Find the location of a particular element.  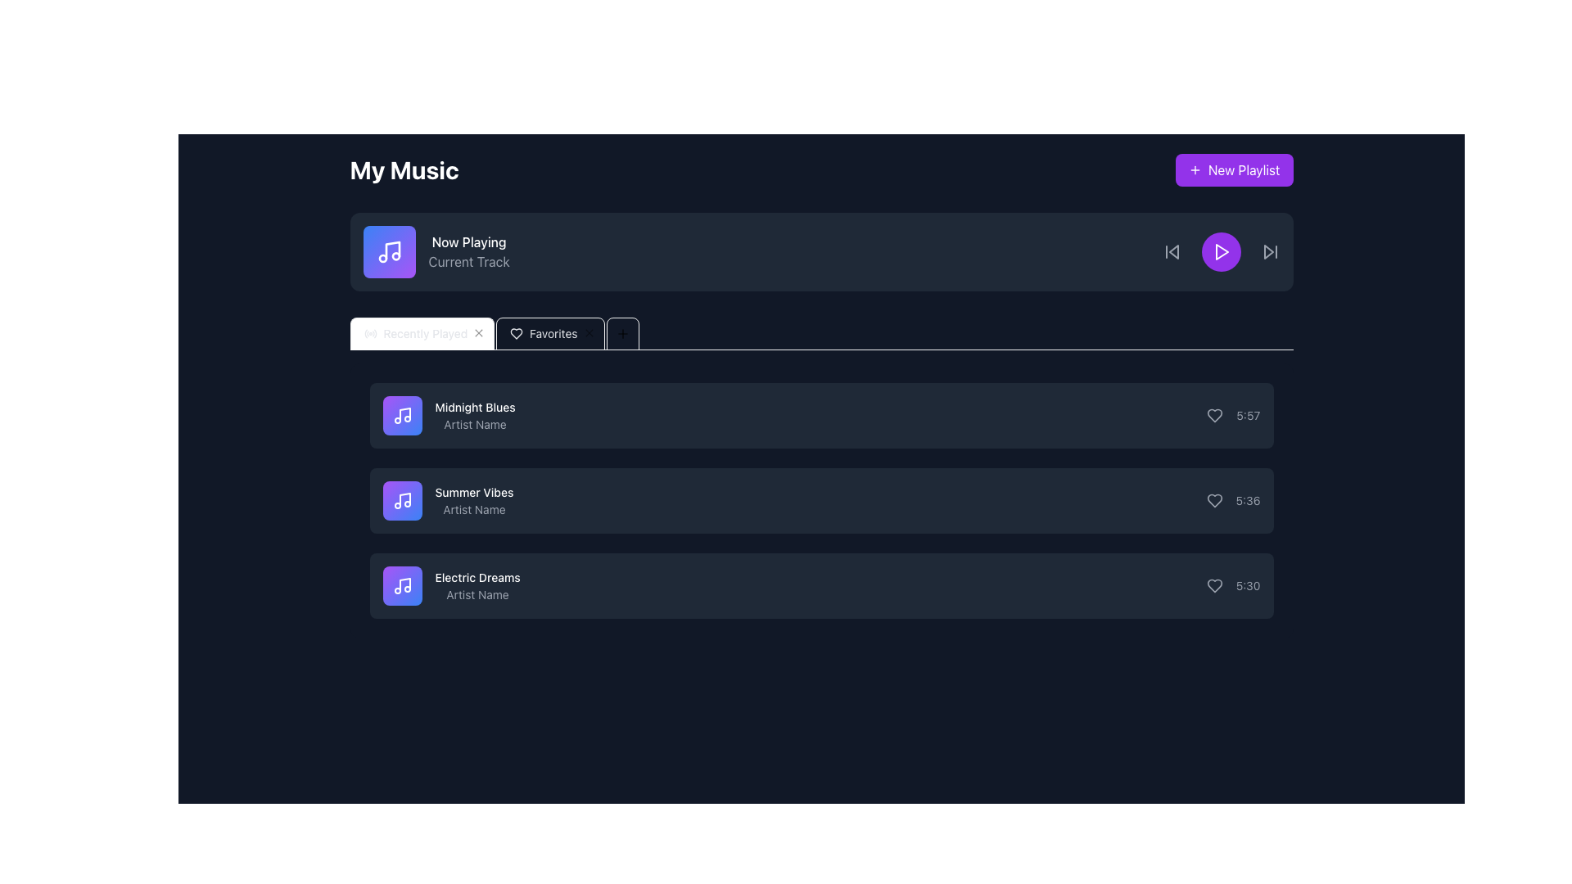

time duration text '5:30' displayed in light gray, which is part of the song 'Electric Dreams' in the music playlist, located at the far right with a heart icon to its left is located at coordinates (1233, 585).